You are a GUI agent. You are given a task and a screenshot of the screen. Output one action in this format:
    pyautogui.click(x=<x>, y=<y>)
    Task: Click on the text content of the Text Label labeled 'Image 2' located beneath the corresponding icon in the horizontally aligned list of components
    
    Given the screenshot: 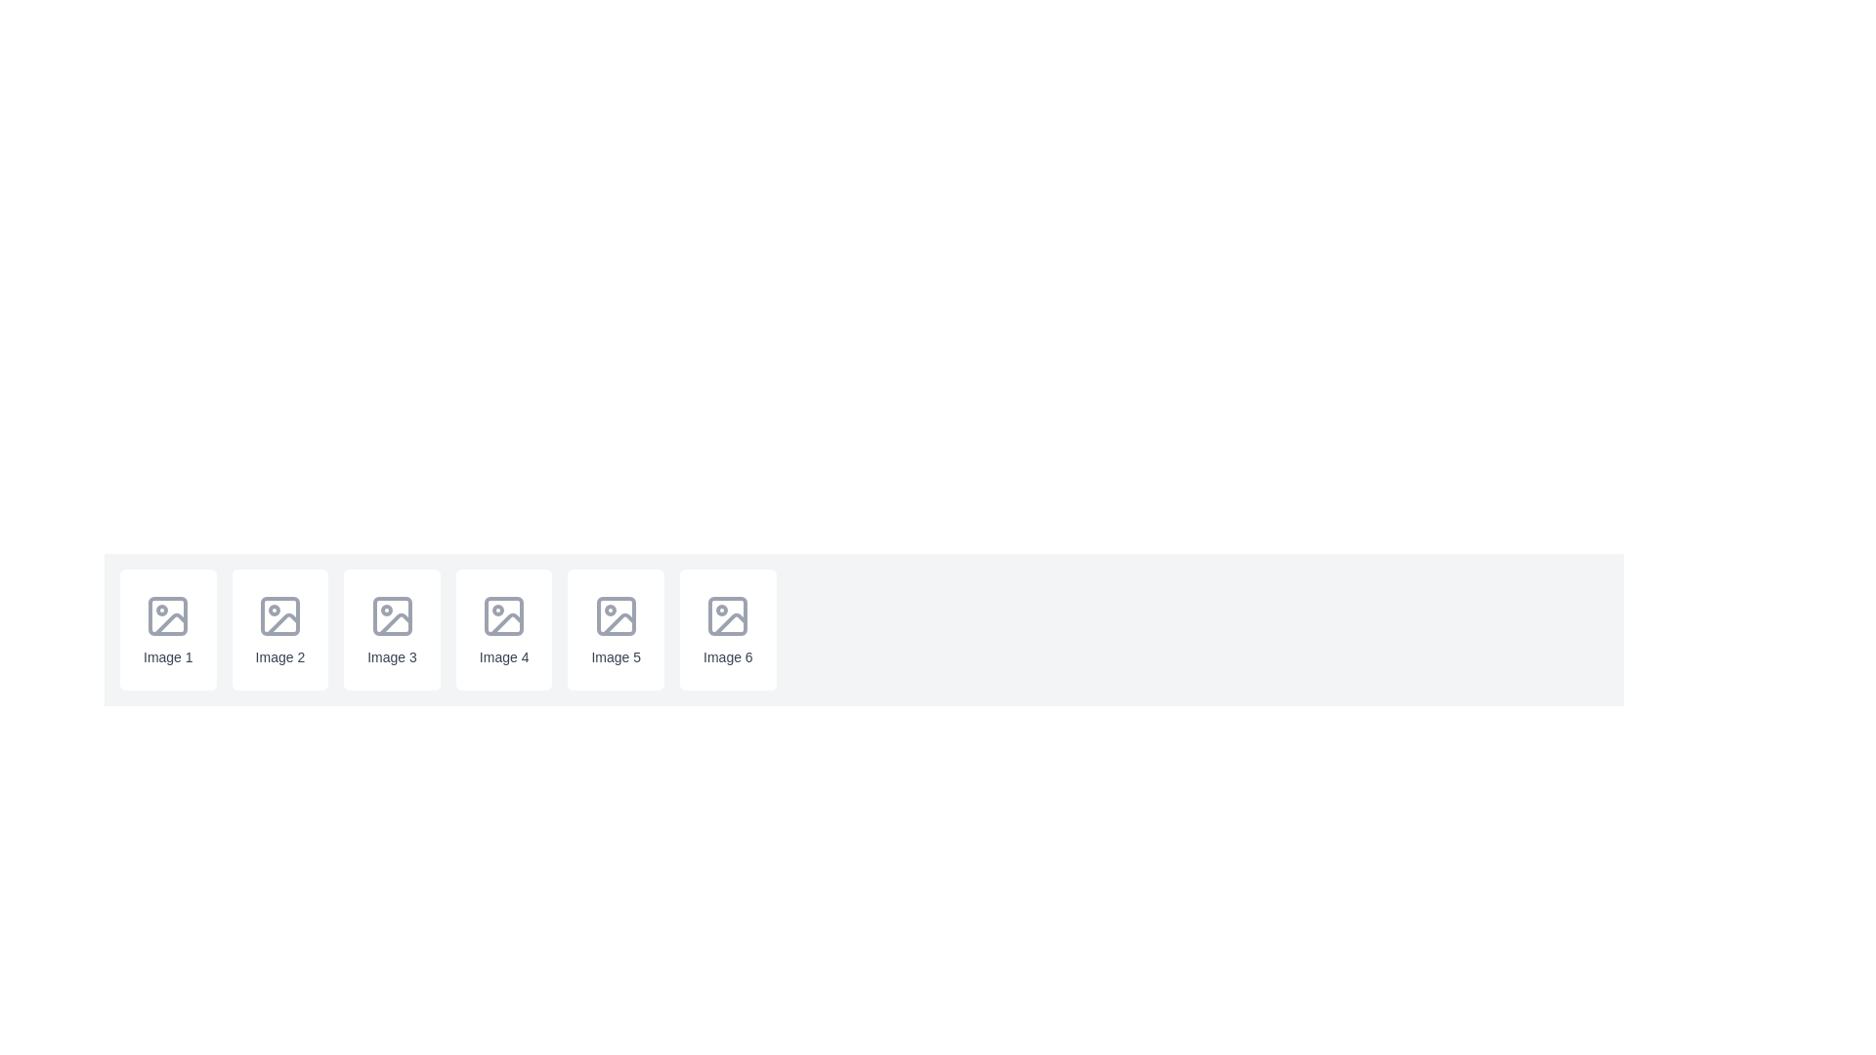 What is the action you would take?
    pyautogui.click(x=278, y=656)
    